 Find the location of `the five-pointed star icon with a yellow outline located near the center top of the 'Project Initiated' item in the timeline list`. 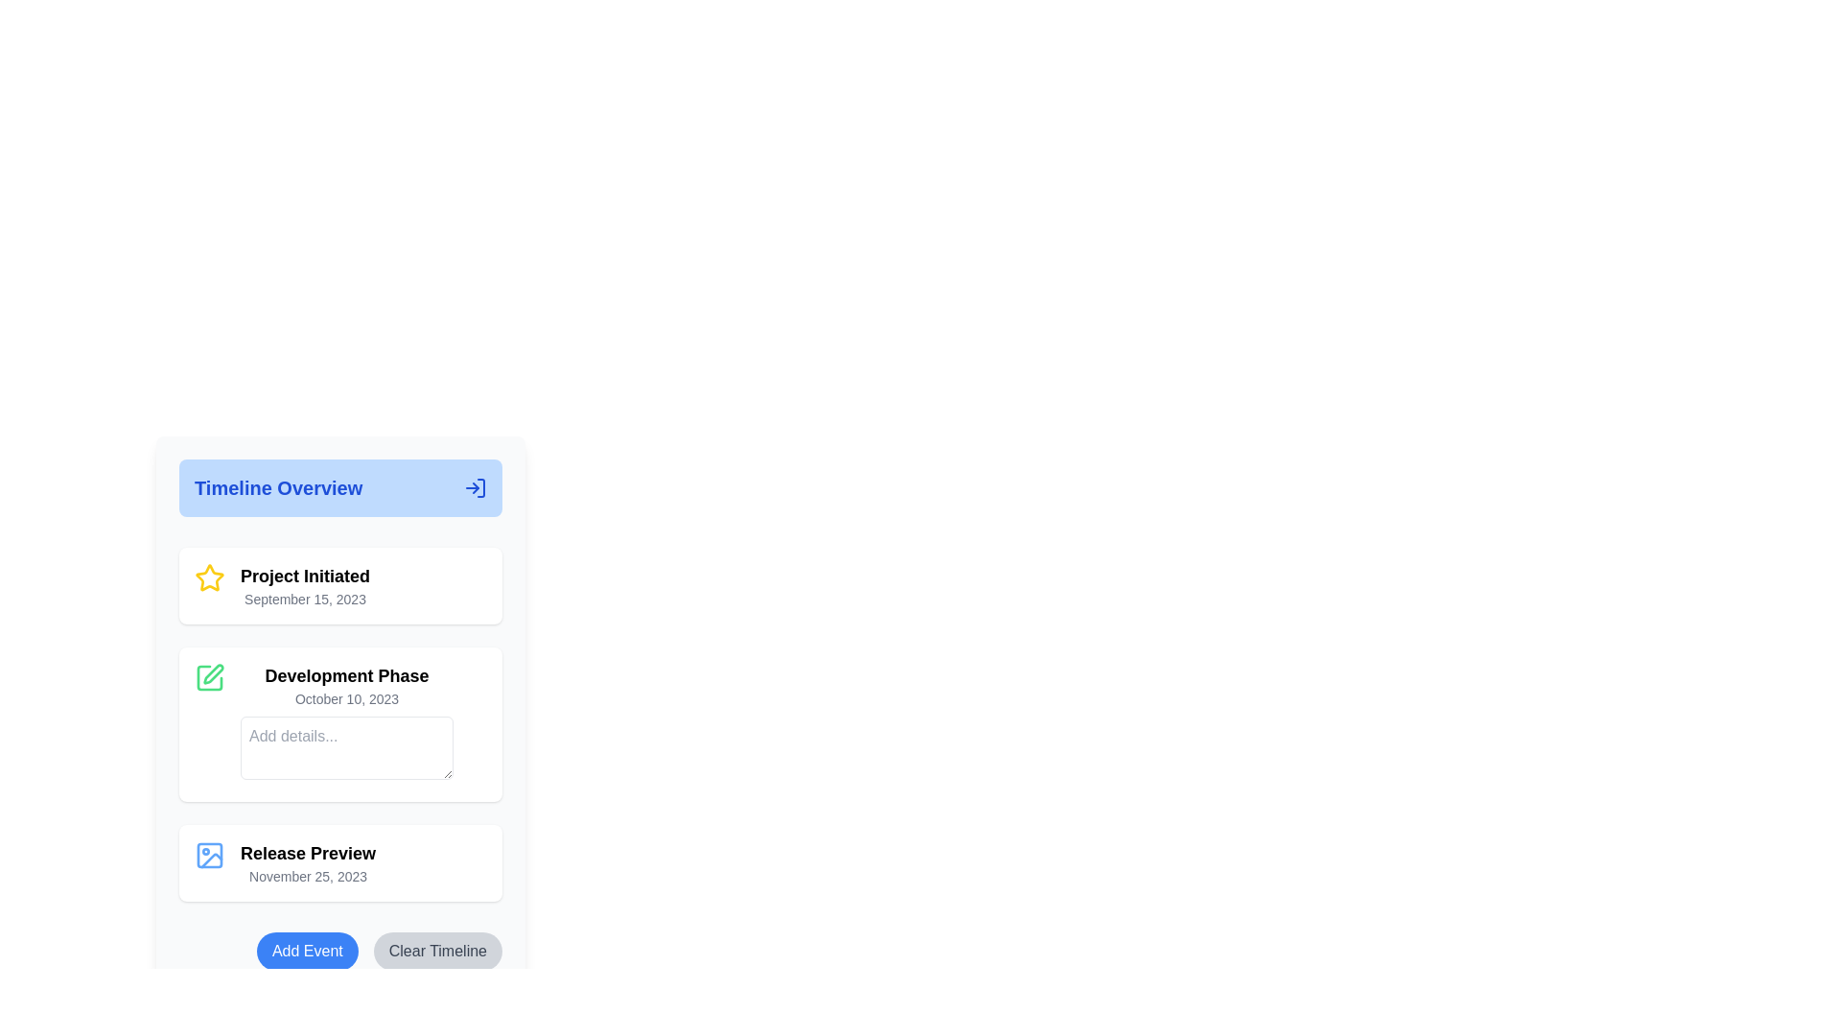

the five-pointed star icon with a yellow outline located near the center top of the 'Project Initiated' item in the timeline list is located at coordinates (210, 577).